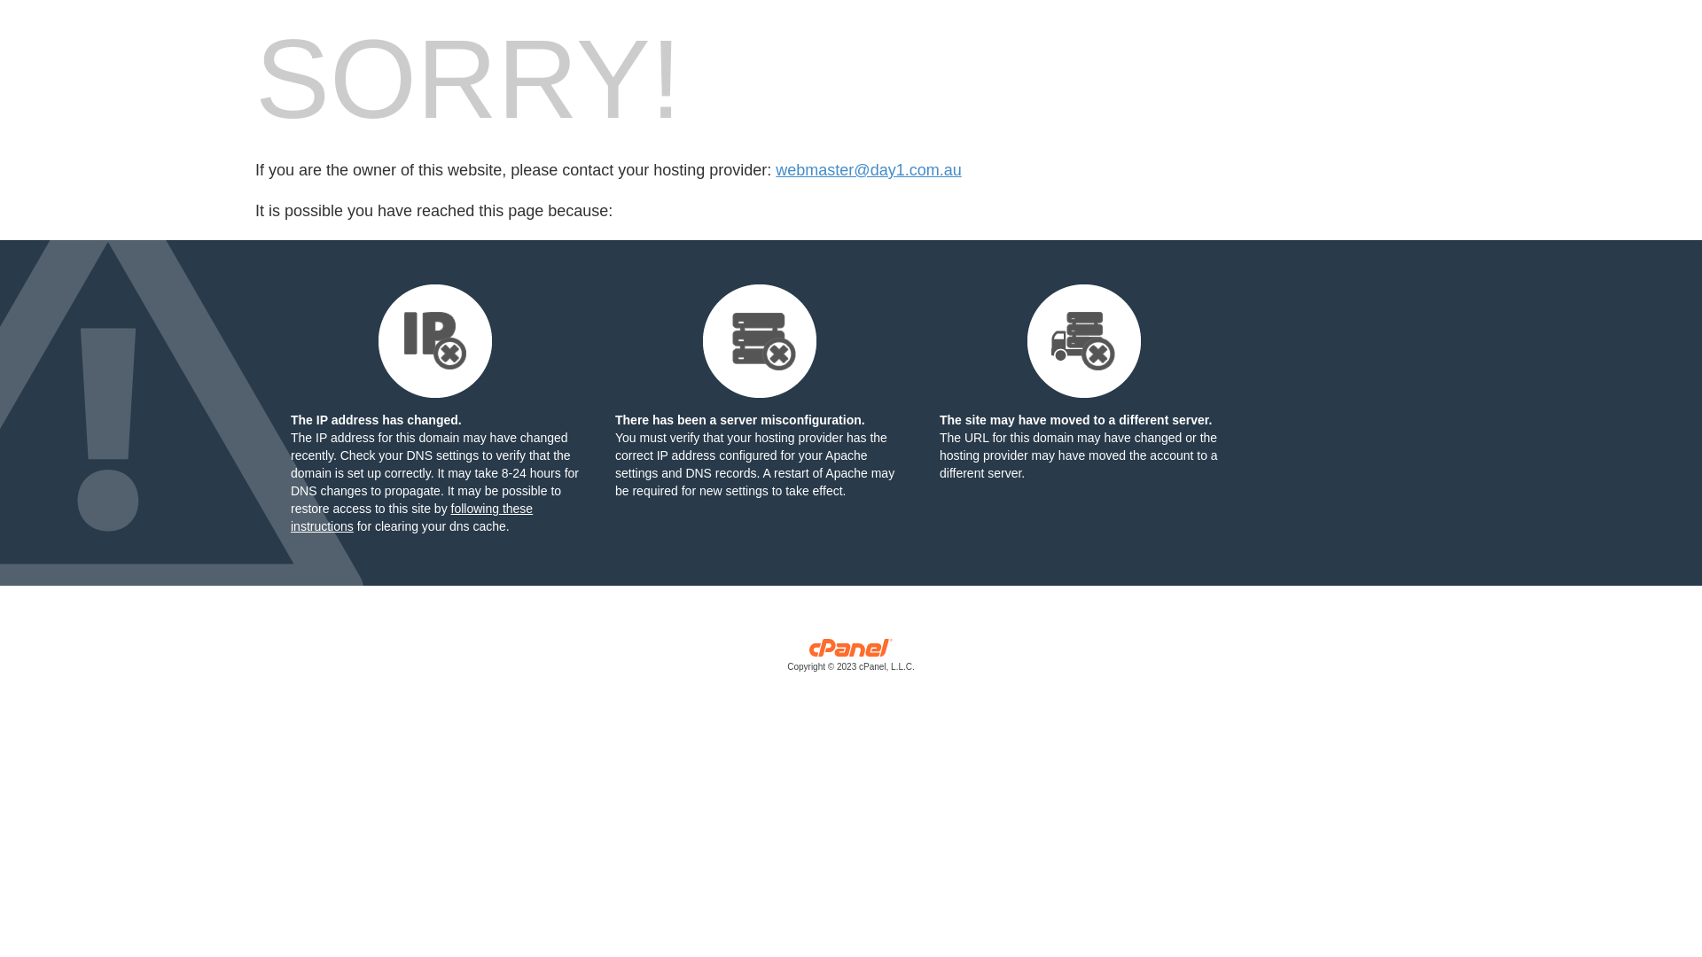 The image size is (1702, 957). Describe the element at coordinates (775, 170) in the screenshot. I see `'webmaster@day1.com.au'` at that location.